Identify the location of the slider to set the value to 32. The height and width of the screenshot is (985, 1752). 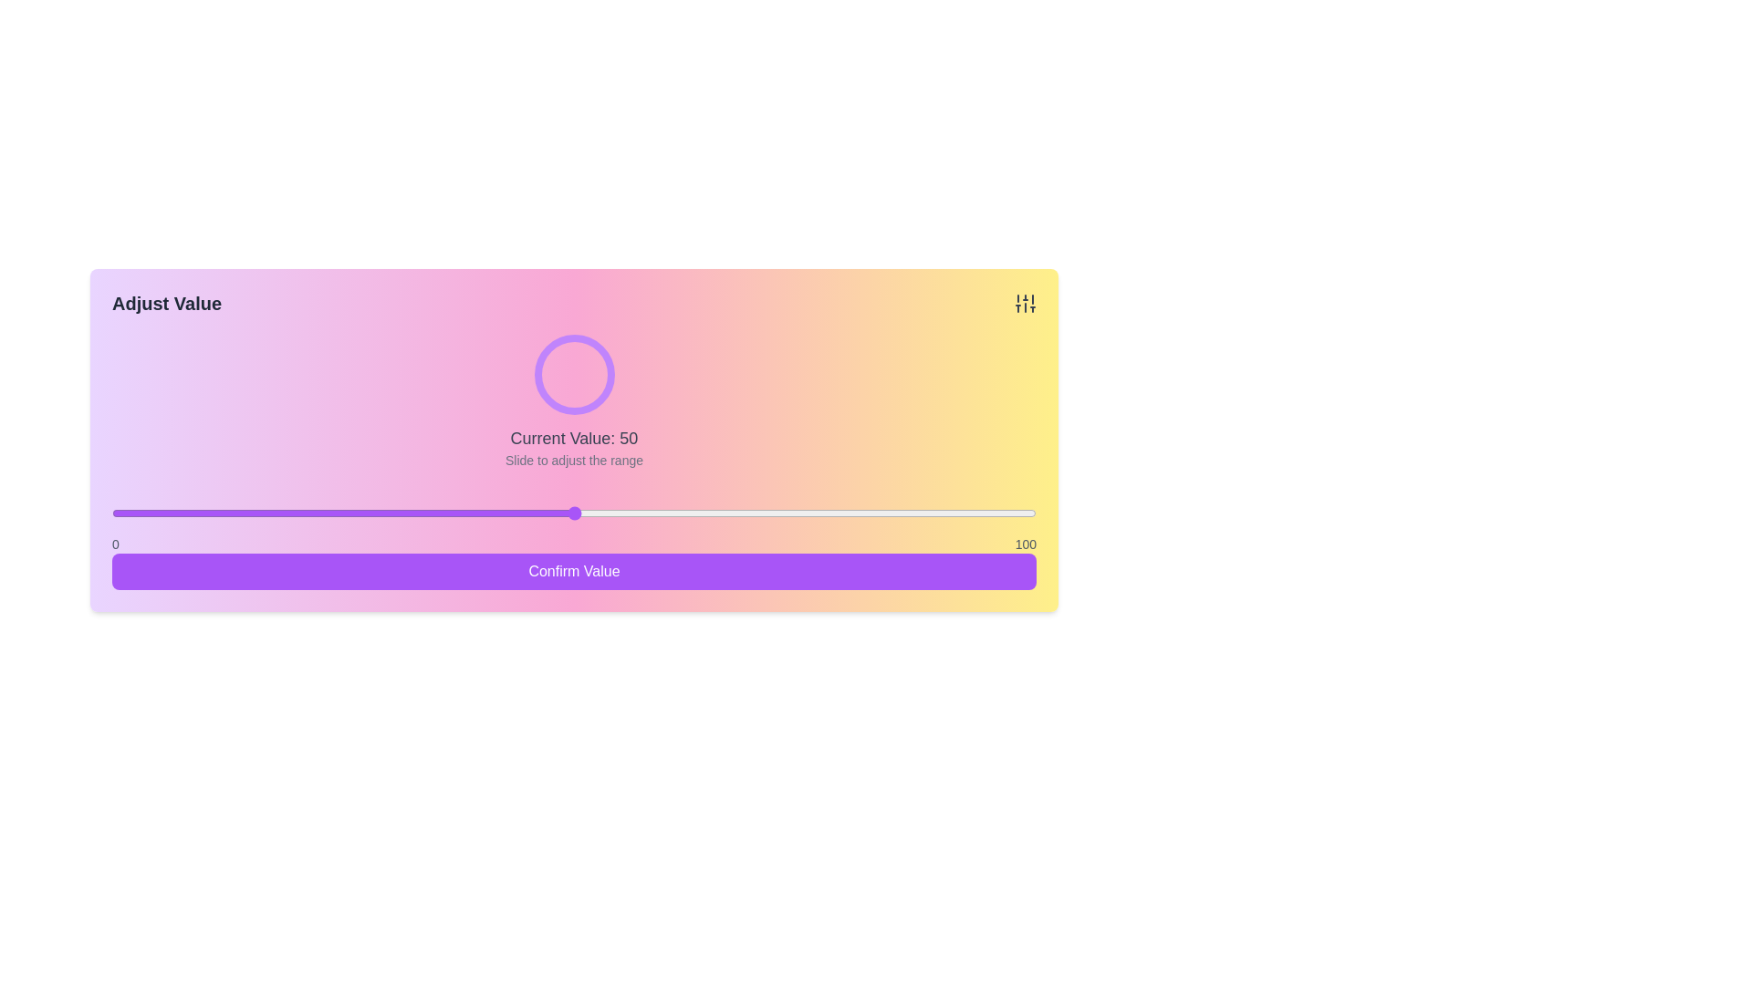
(407, 513).